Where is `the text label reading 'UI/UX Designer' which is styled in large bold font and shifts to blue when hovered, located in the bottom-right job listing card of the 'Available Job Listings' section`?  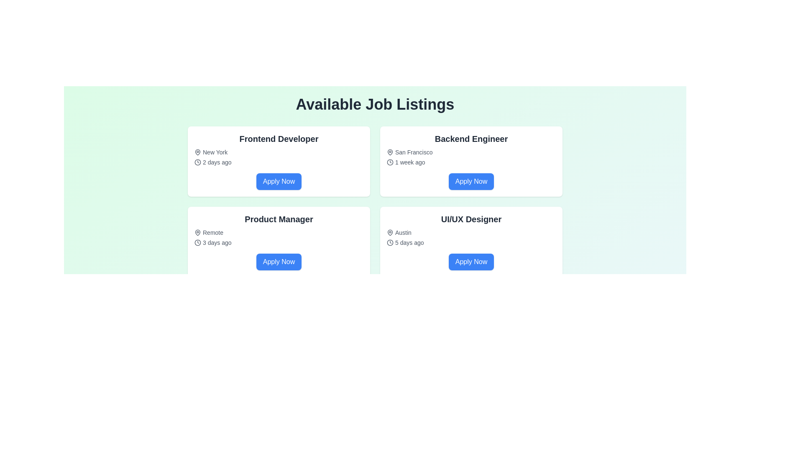
the text label reading 'UI/UX Designer' which is styled in large bold font and shifts to blue when hovered, located in the bottom-right job listing card of the 'Available Job Listings' section is located at coordinates (471, 219).